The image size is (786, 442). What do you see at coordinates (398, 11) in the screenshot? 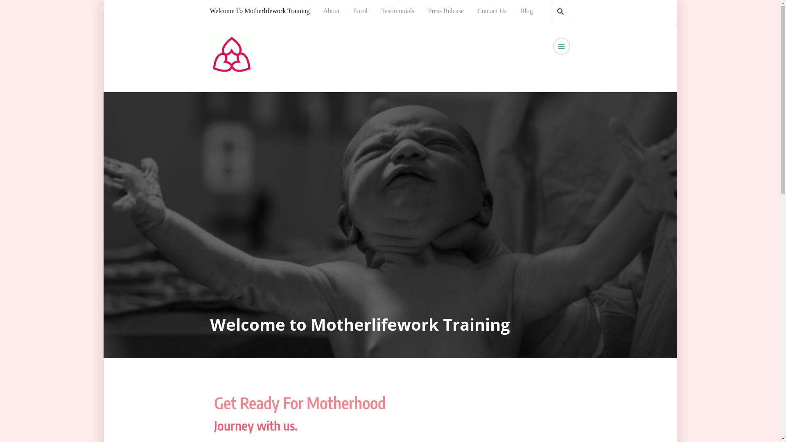
I see `'Testimonials'` at bounding box center [398, 11].